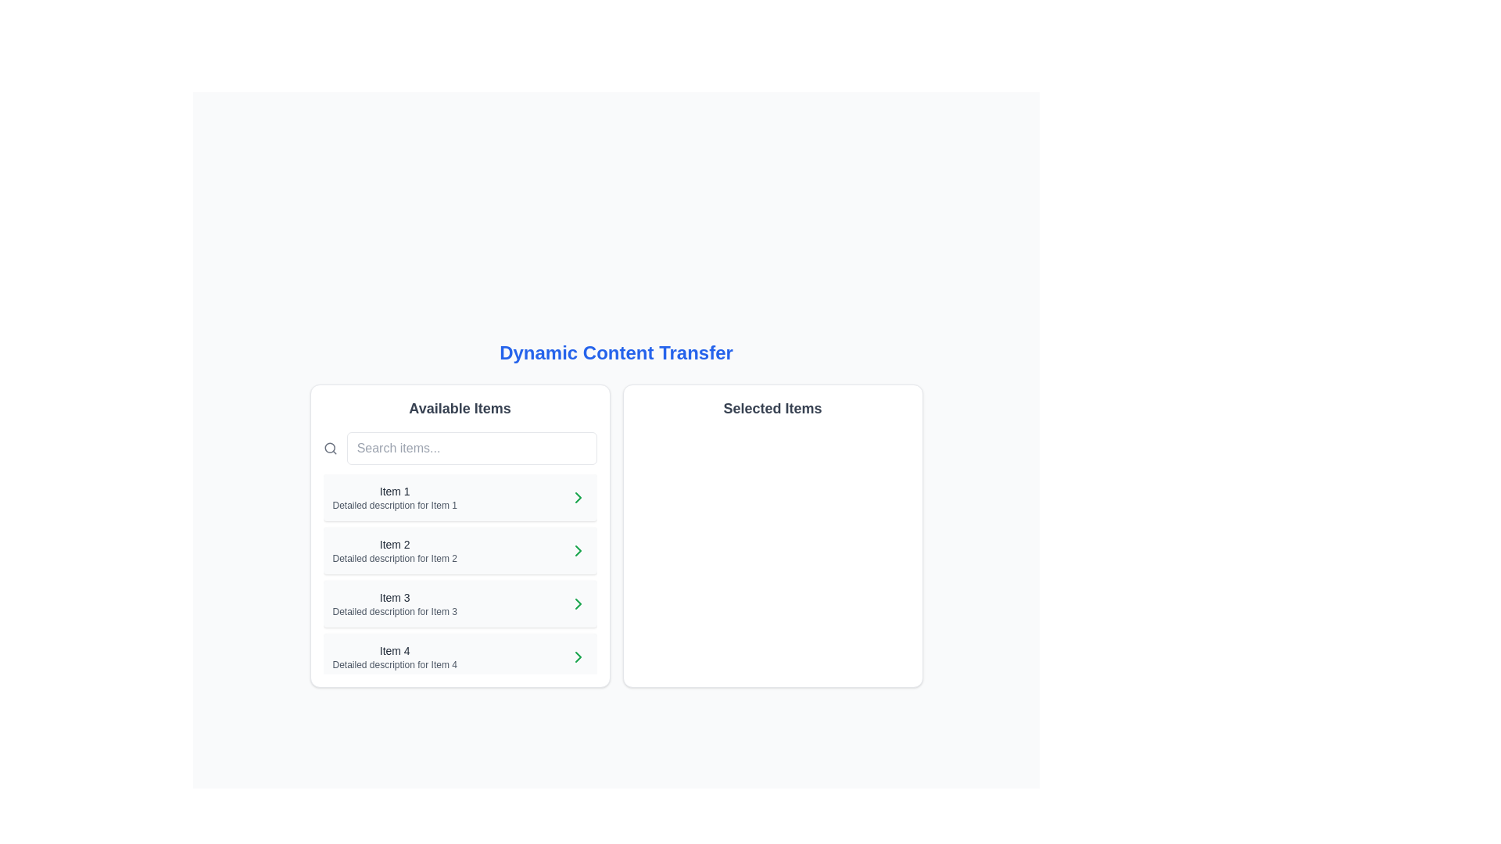 Image resolution: width=1501 pixels, height=844 pixels. Describe the element at coordinates (395, 665) in the screenshot. I see `the text label displaying 'Detailed description for Item 4' located beneath the 'Item 4' title in the 'Available Items' section` at that location.